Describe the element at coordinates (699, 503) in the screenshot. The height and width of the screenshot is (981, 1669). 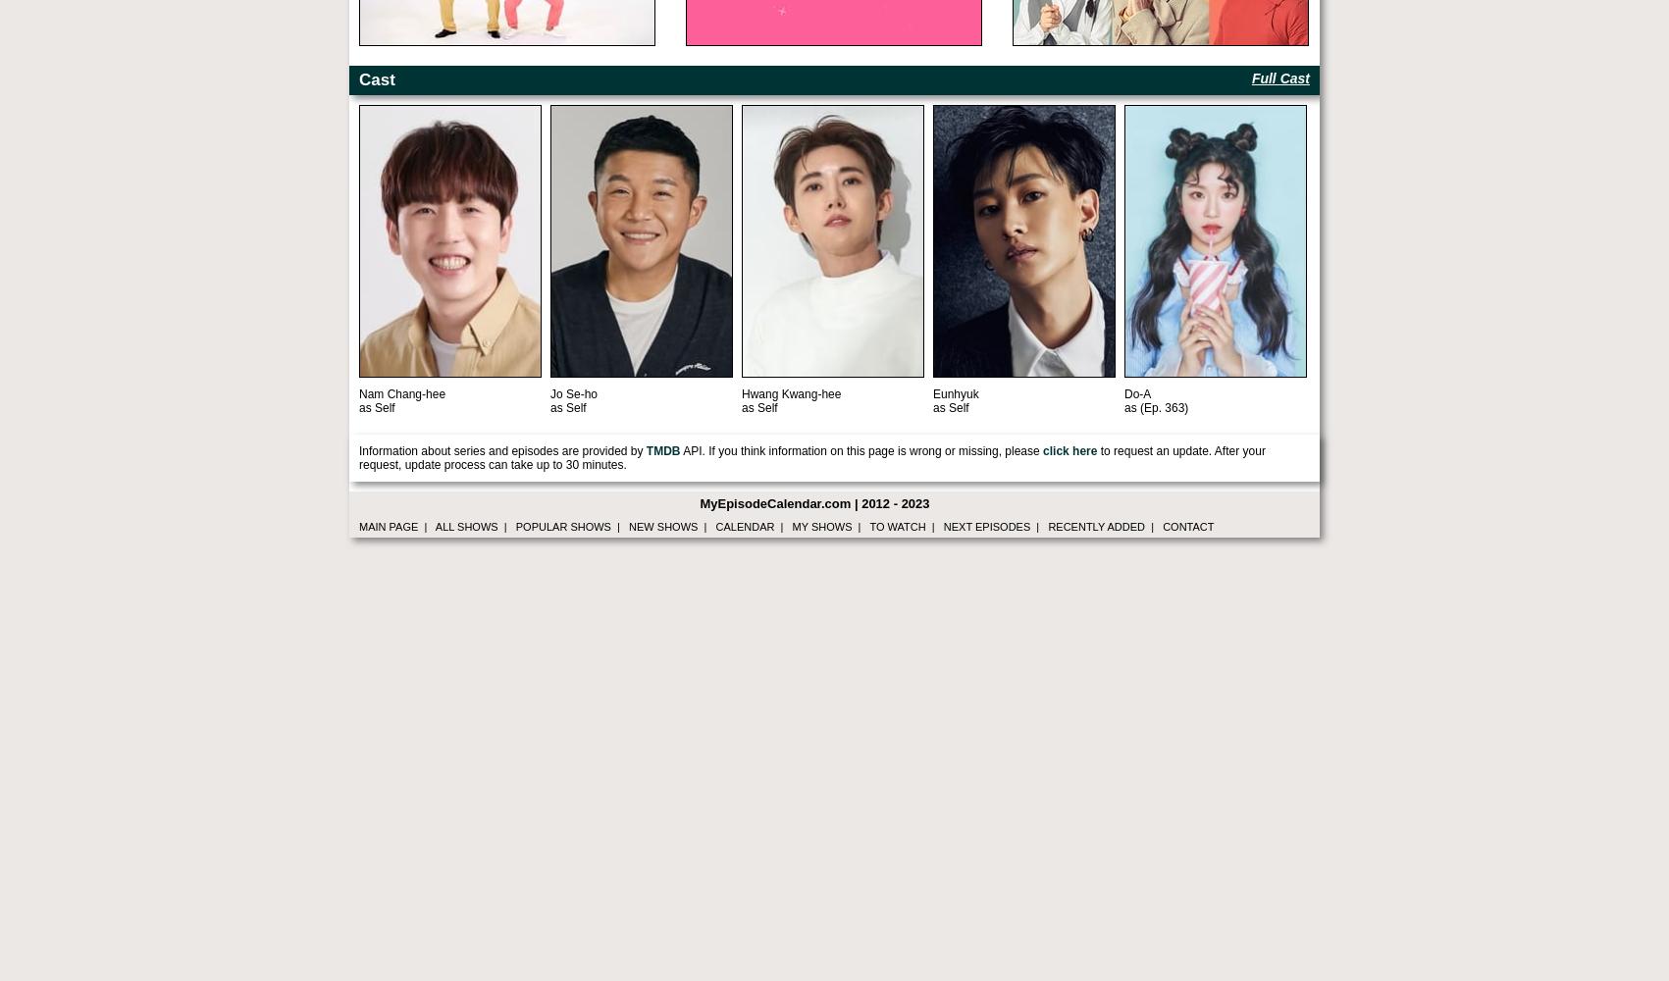
I see `'MyEpisodeCalendar.com | 2012 - 2023'` at that location.